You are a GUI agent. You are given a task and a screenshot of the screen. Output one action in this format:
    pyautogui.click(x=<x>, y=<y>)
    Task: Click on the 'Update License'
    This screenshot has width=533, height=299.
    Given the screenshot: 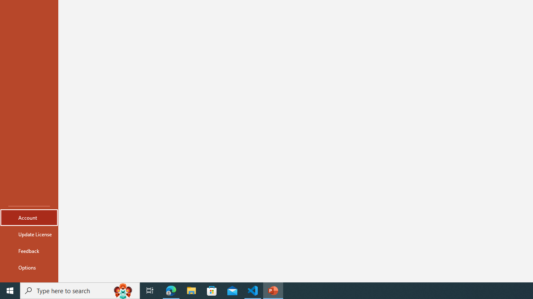 What is the action you would take?
    pyautogui.click(x=29, y=234)
    